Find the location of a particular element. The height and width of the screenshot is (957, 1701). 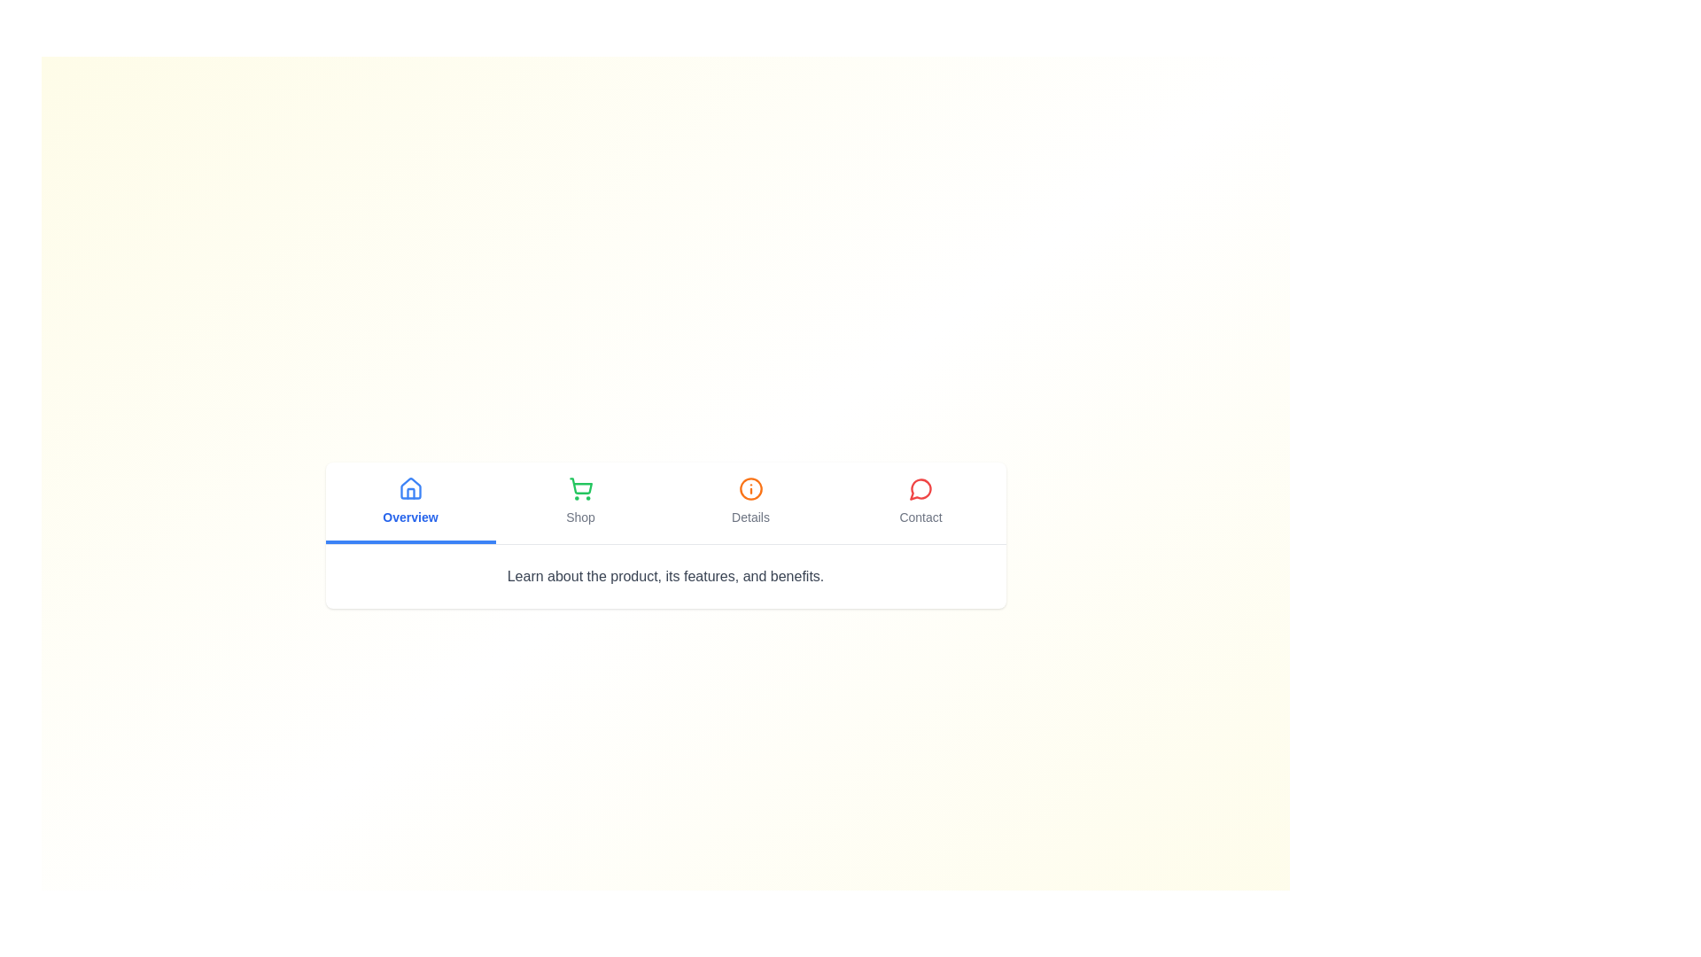

the Details tab to switch to its content is located at coordinates (750, 502).